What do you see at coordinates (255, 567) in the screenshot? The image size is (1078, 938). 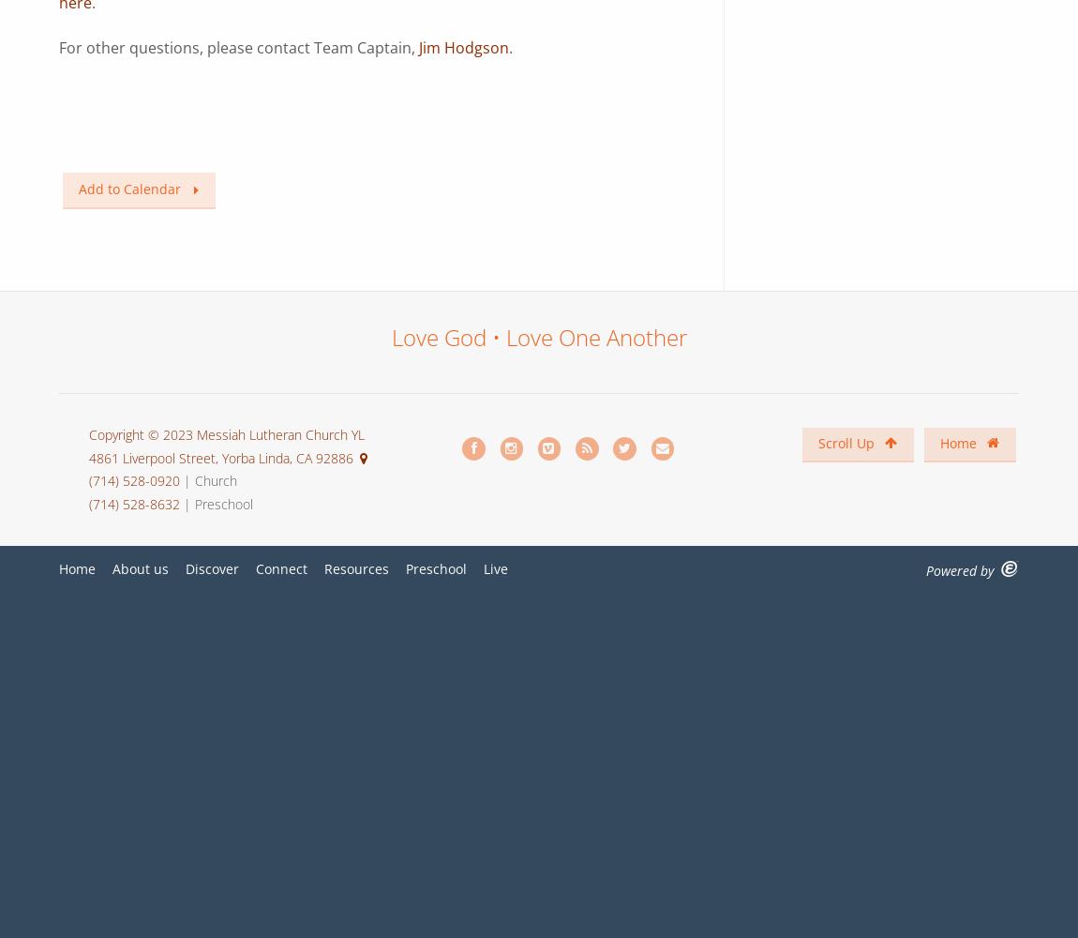 I see `'Connect'` at bounding box center [255, 567].